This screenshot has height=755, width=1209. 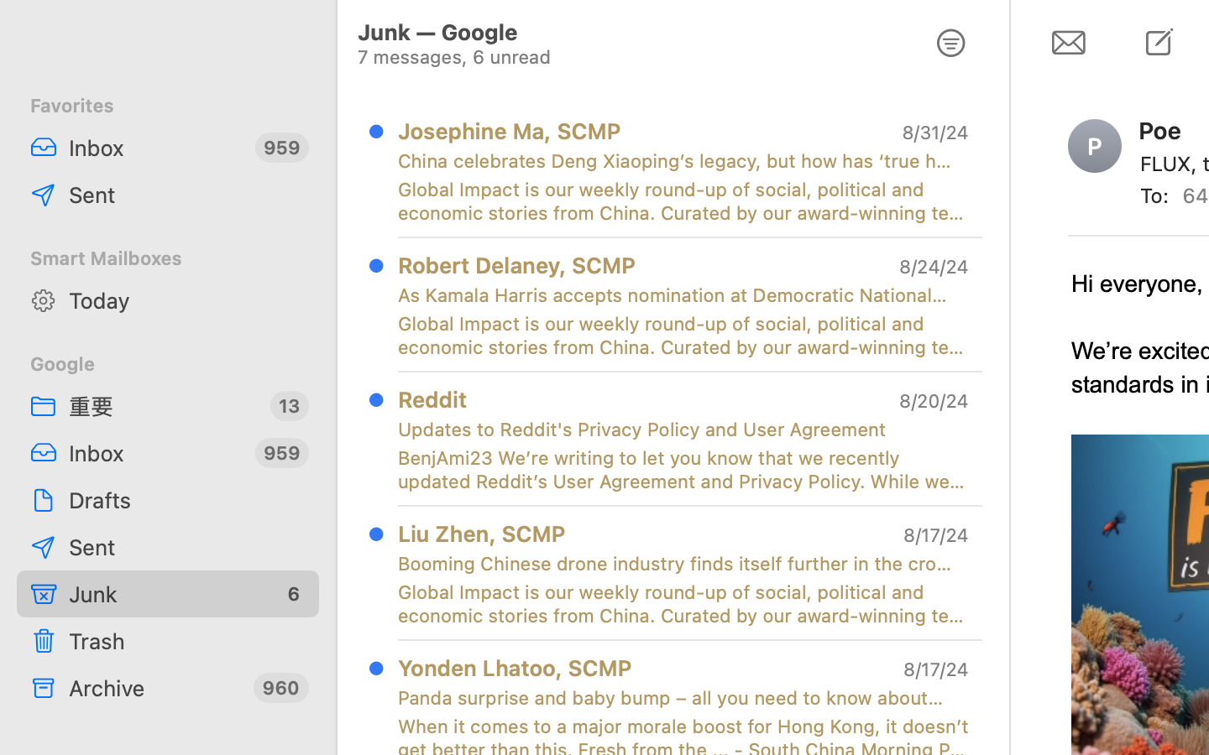 What do you see at coordinates (187, 640) in the screenshot?
I see `'Trash'` at bounding box center [187, 640].